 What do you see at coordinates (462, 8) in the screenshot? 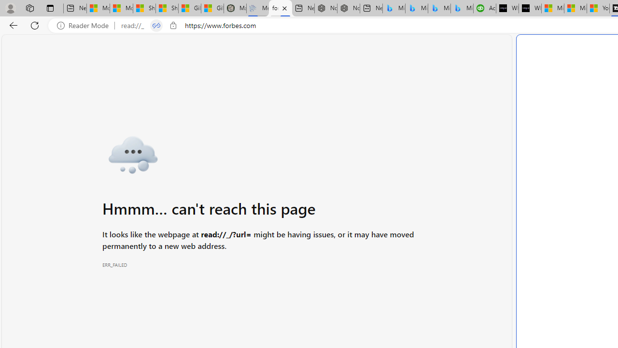
I see `'Microsoft Bing Travel - Shangri-La Hotel Bangkok'` at bounding box center [462, 8].